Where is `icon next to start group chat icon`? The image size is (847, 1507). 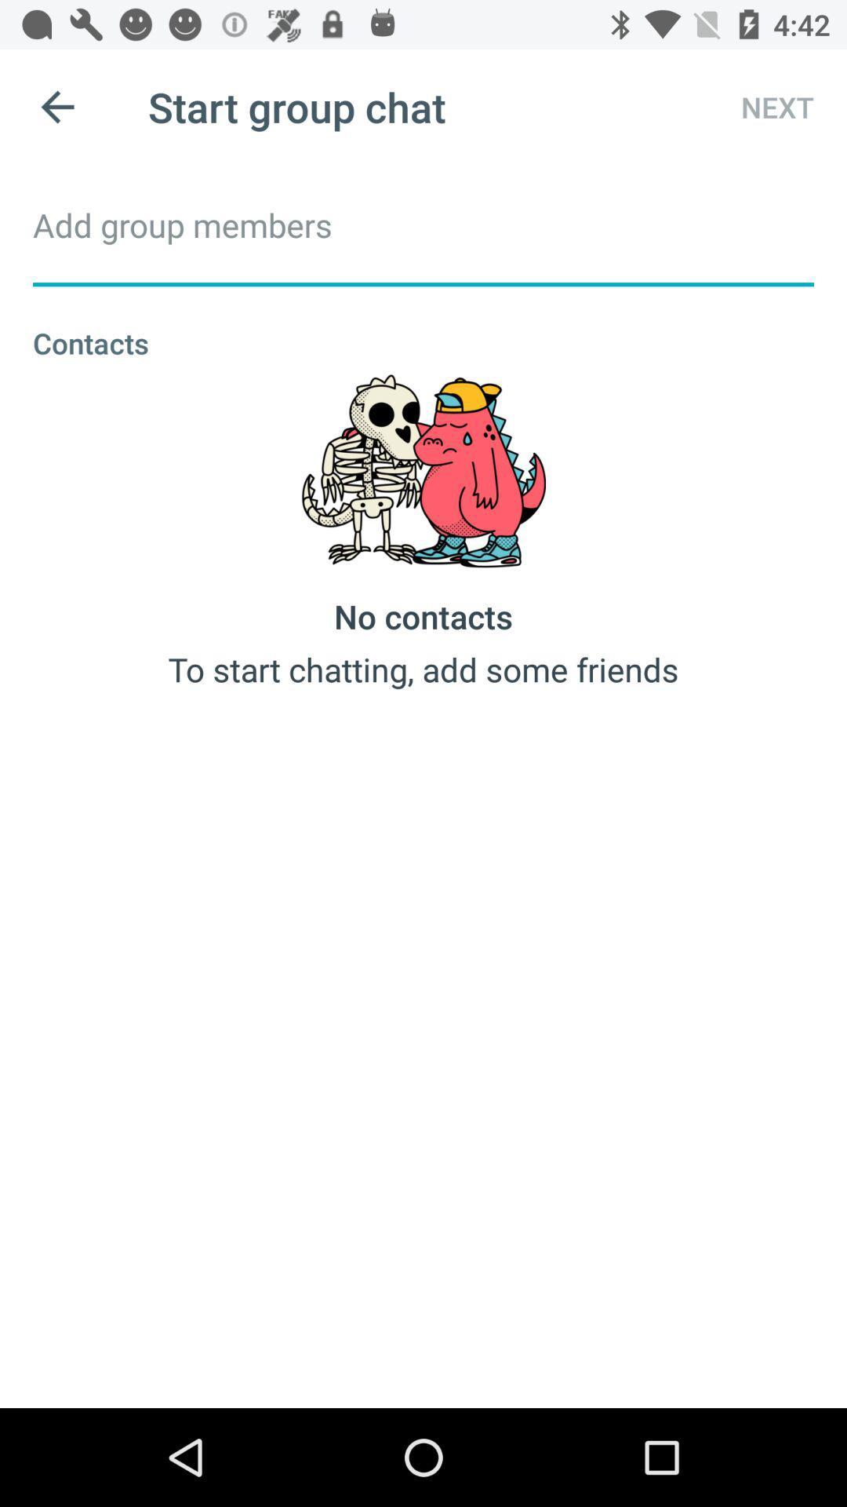 icon next to start group chat icon is located at coordinates (56, 106).